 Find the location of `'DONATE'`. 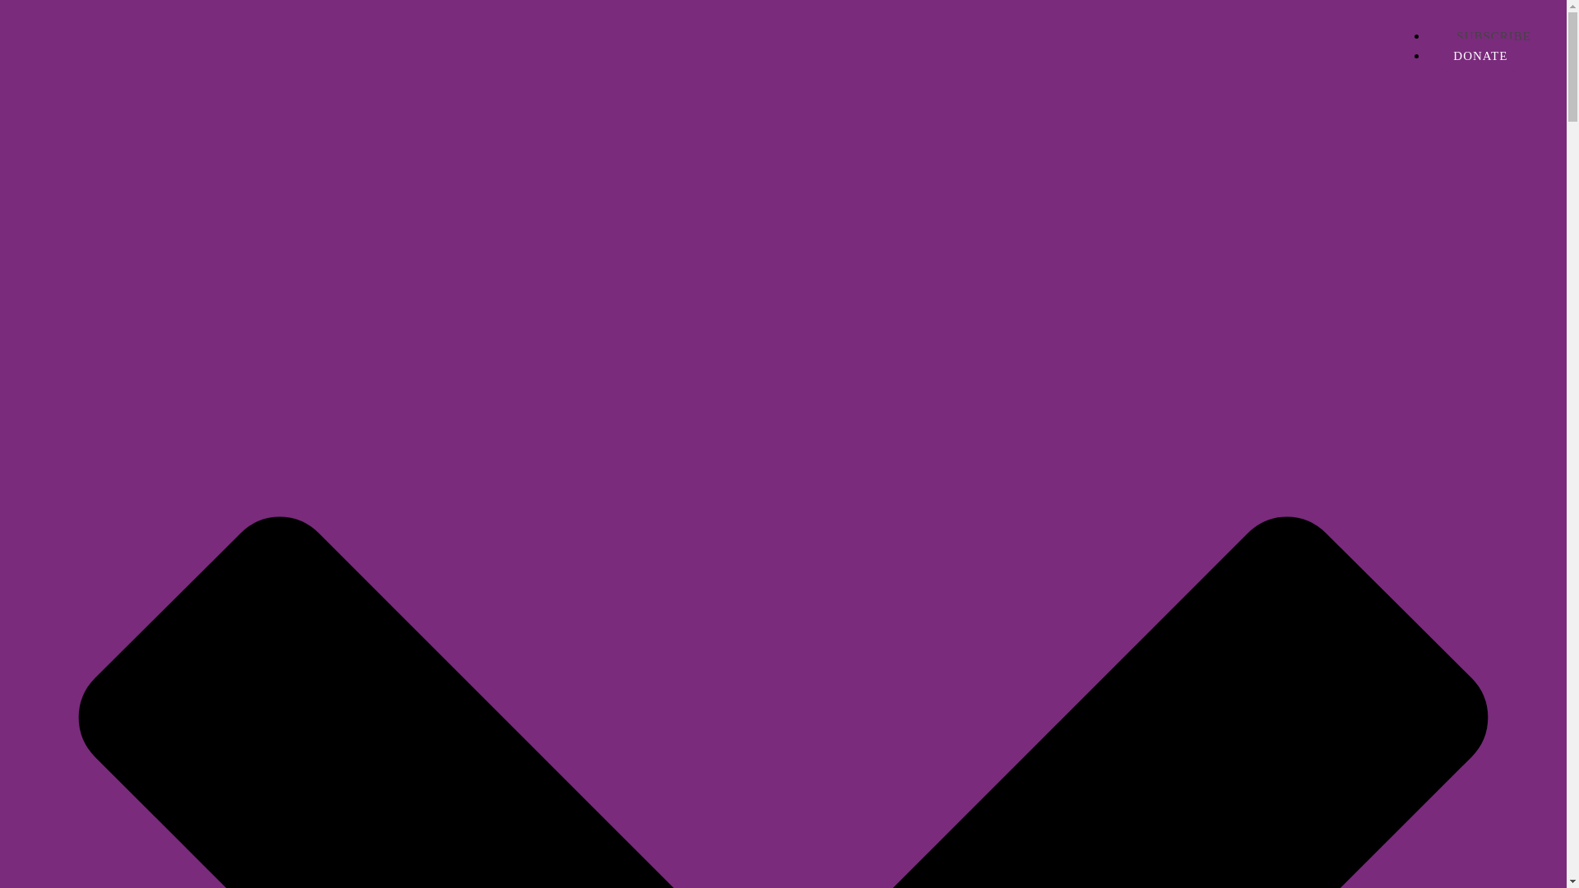

'DONATE' is located at coordinates (1435, 55).